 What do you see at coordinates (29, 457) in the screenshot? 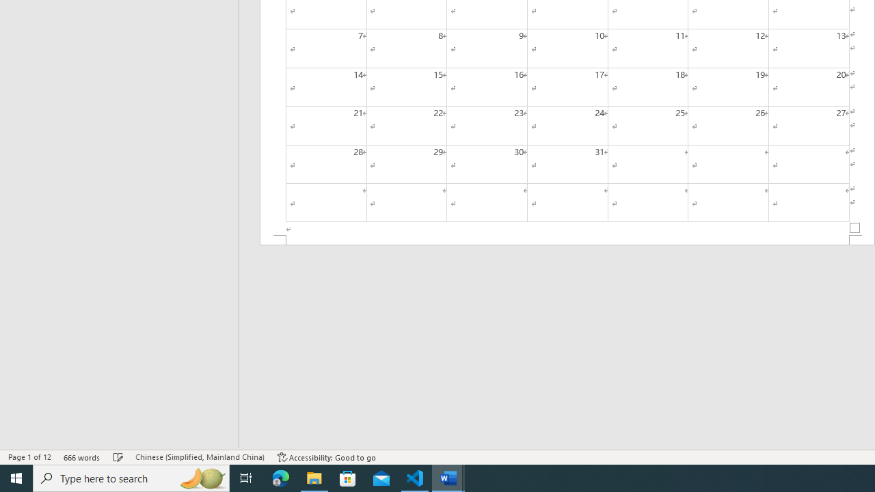
I see `'Page Number Page 1 of 12'` at bounding box center [29, 457].